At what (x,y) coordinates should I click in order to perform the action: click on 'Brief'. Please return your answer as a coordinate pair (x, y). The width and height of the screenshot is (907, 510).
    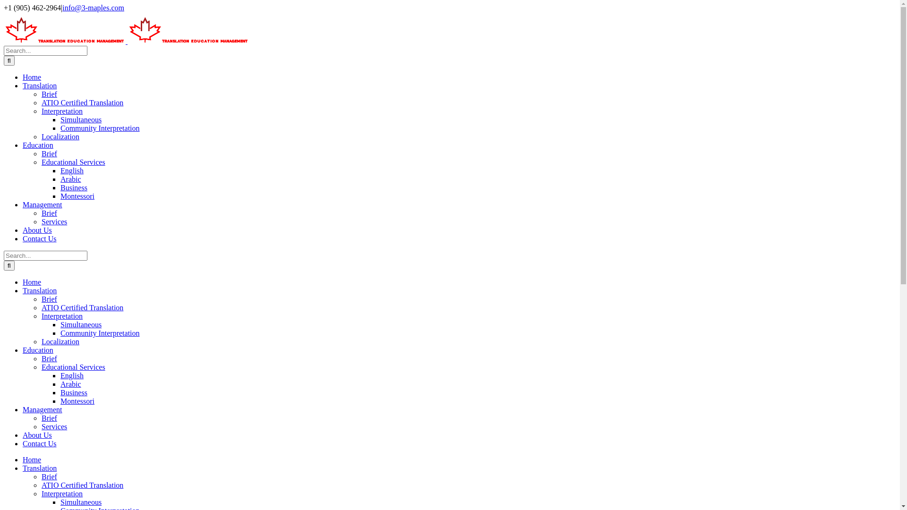
    Looking at the image, I should click on (49, 153).